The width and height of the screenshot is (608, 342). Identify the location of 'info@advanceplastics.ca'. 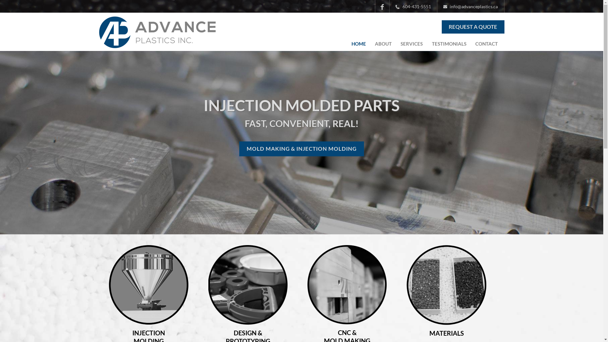
(471, 6).